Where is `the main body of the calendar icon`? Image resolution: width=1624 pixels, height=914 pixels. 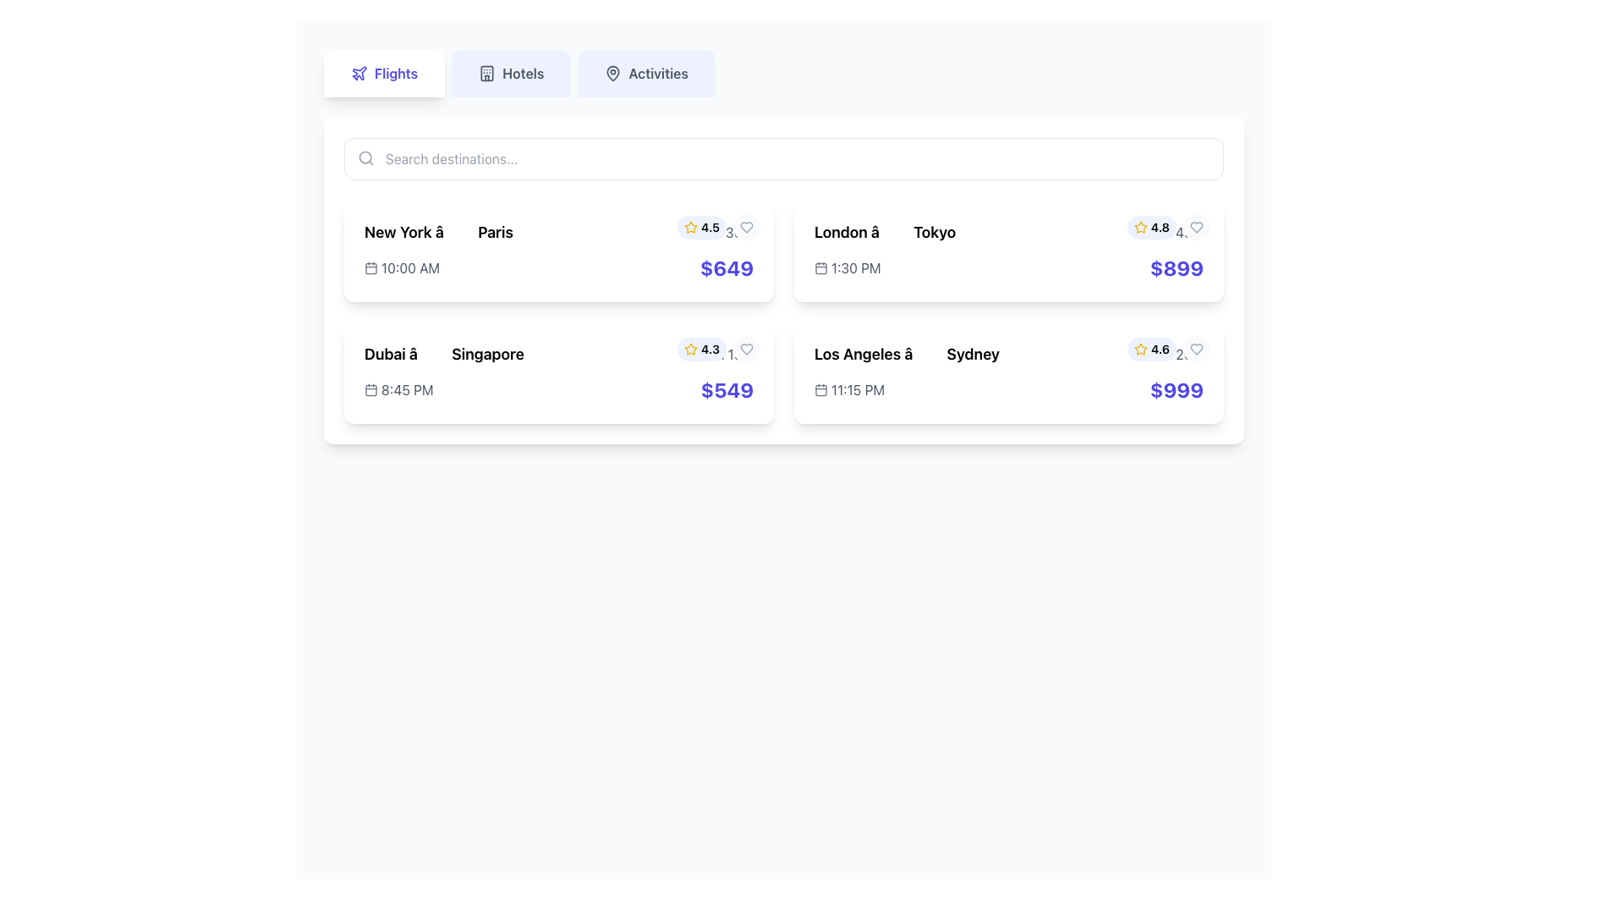 the main body of the calendar icon is located at coordinates (370, 390).